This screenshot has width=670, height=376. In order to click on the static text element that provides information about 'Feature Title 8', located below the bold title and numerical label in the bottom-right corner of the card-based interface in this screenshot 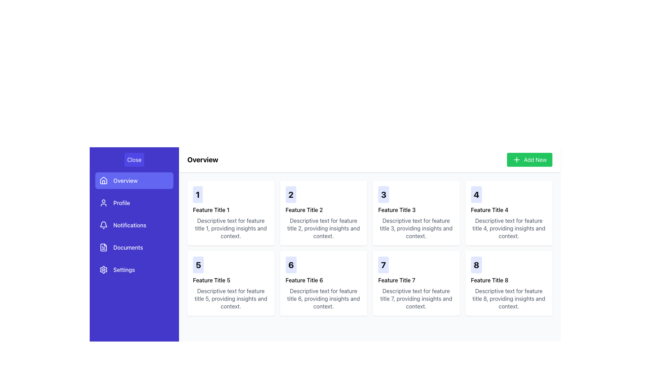, I will do `click(509, 298)`.